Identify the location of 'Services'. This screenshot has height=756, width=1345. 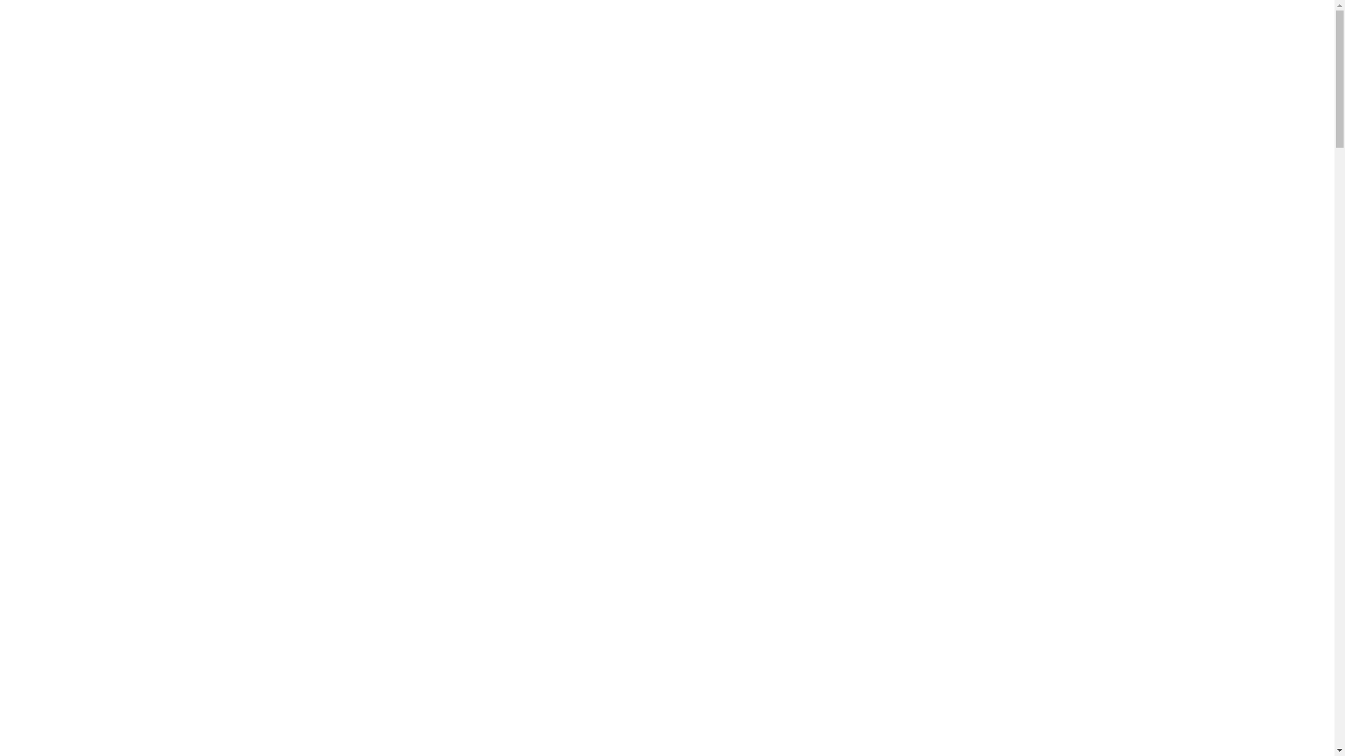
(53, 651).